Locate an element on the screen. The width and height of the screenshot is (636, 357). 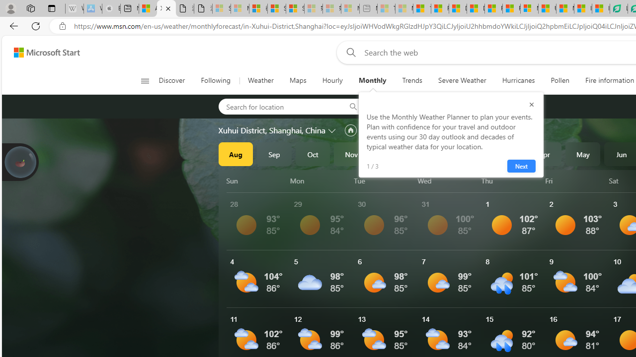
'May' is located at coordinates (583, 154).